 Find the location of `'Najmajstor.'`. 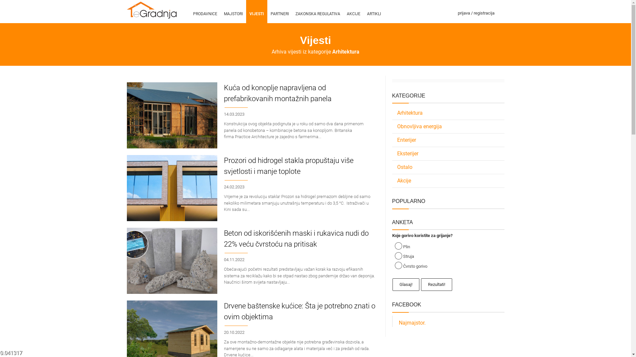

'Najmajstor.' is located at coordinates (412, 322).